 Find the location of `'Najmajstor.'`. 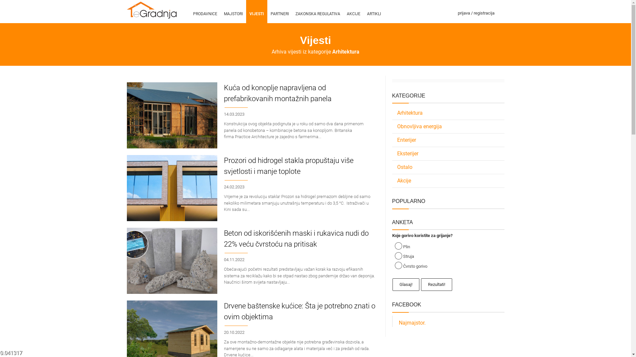

'Najmajstor.' is located at coordinates (412, 322).